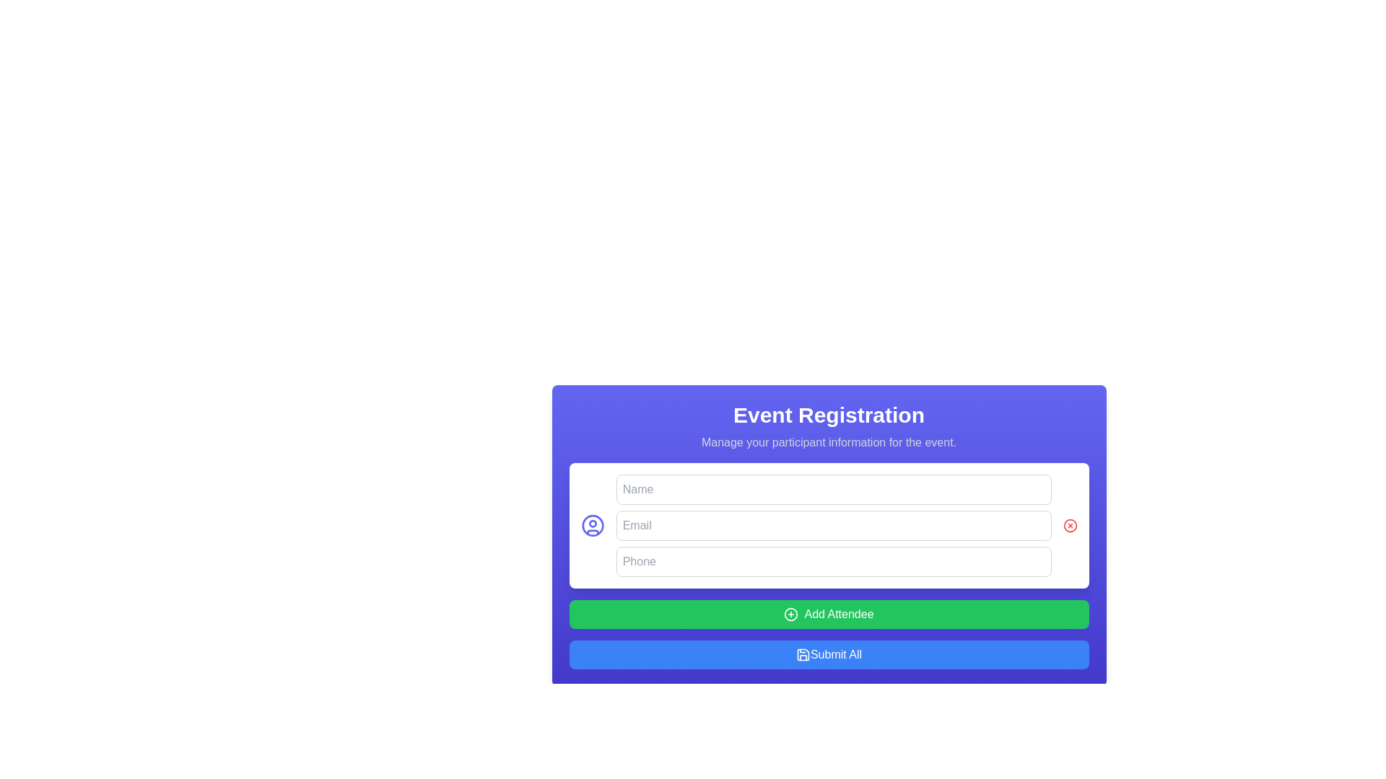  What do you see at coordinates (1070, 526) in the screenshot?
I see `the circular shape within the close button icon located to the far right side of the input fields in the event form` at bounding box center [1070, 526].